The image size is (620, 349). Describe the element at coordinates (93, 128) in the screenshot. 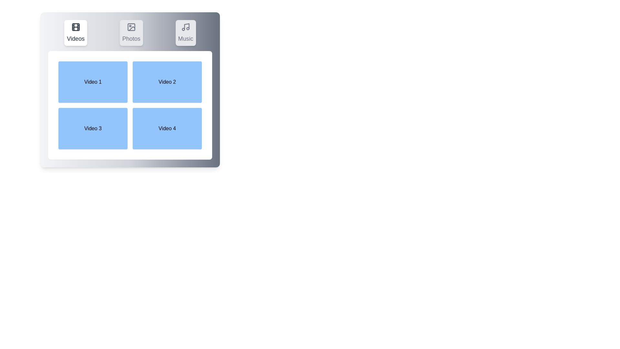

I see `the Video 3 Box to observe the hover effect` at that location.